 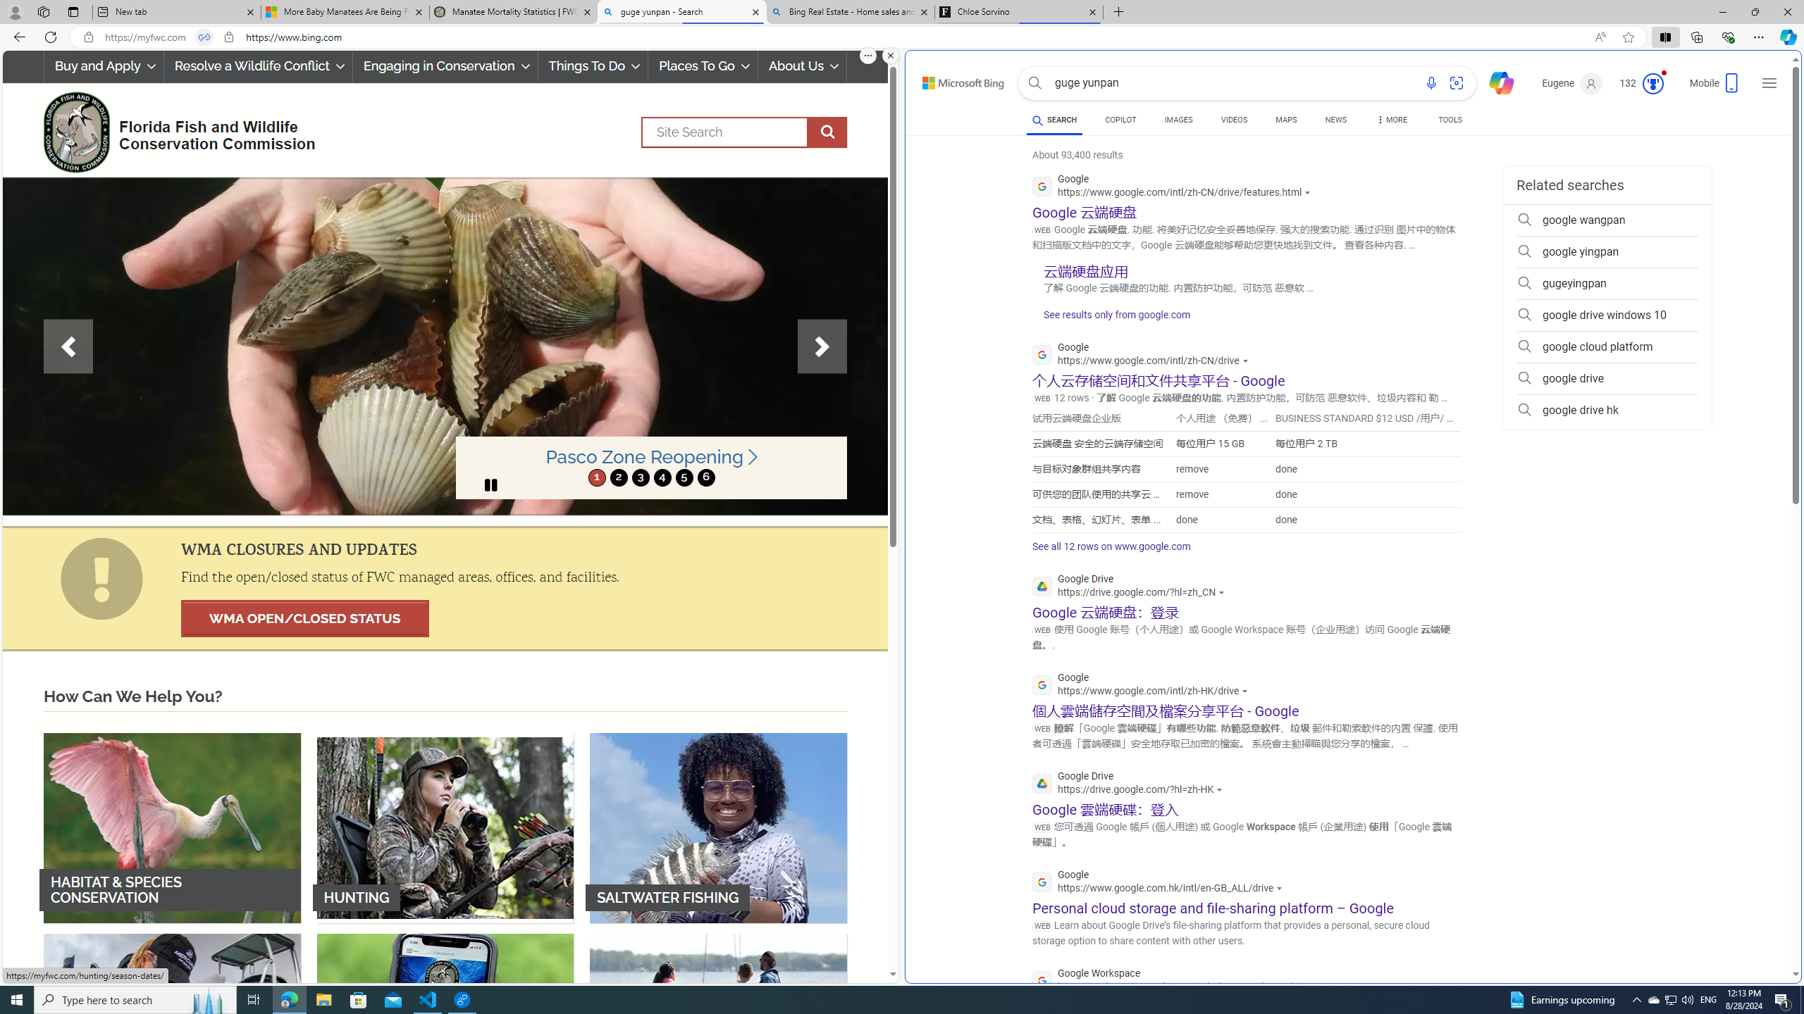 What do you see at coordinates (1755, 11) in the screenshot?
I see `'Restore'` at bounding box center [1755, 11].